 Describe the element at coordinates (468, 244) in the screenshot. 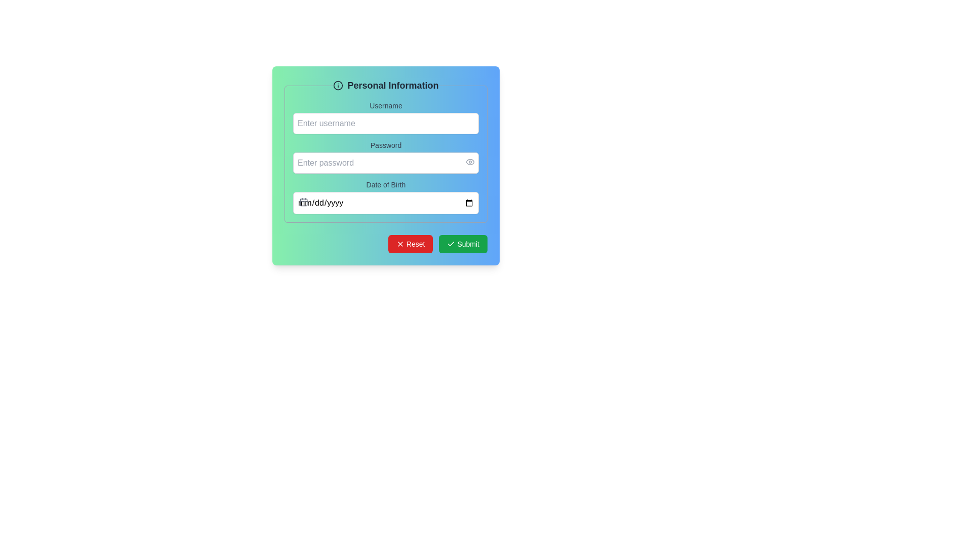

I see `the 'Submit' text label within the green button located at the bottom-right of the form` at that location.